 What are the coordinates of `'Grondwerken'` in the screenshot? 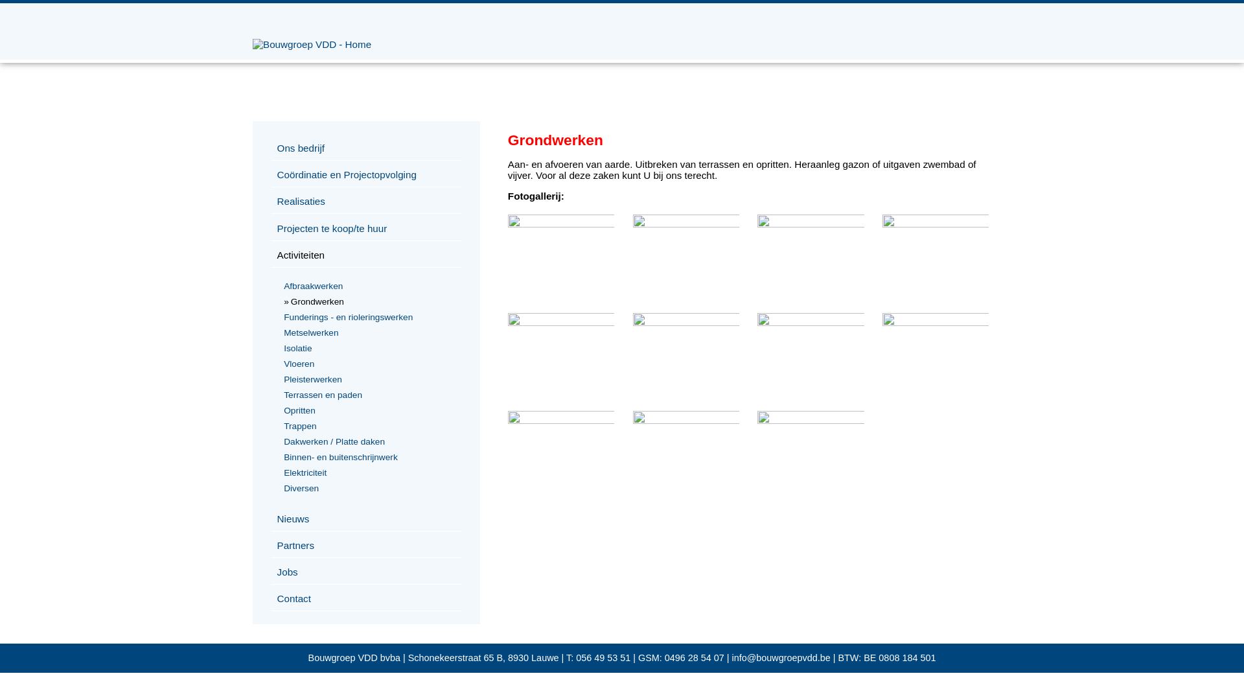 It's located at (685, 223).